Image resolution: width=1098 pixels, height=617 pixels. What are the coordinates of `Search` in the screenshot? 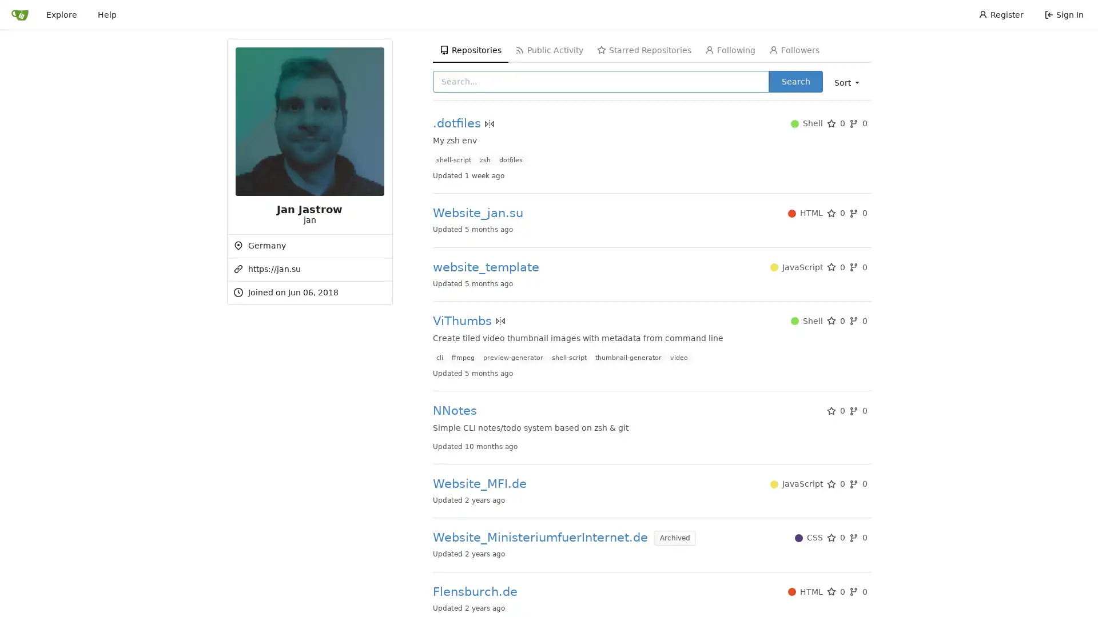 It's located at (795, 81).